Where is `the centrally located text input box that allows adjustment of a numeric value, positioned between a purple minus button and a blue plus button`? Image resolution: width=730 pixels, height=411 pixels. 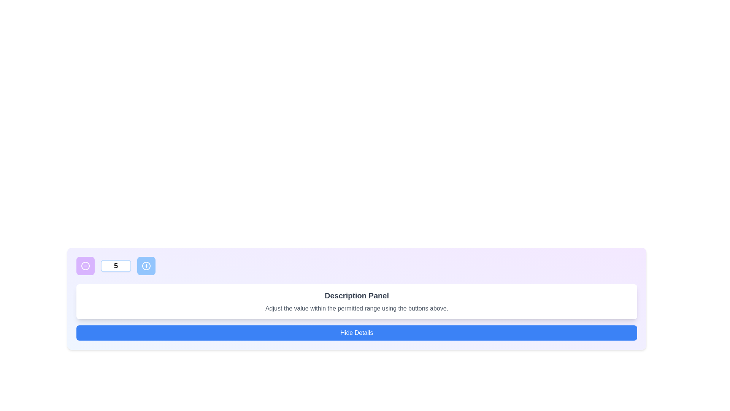 the centrally located text input box that allows adjustment of a numeric value, positioned between a purple minus button and a blue plus button is located at coordinates (116, 265).